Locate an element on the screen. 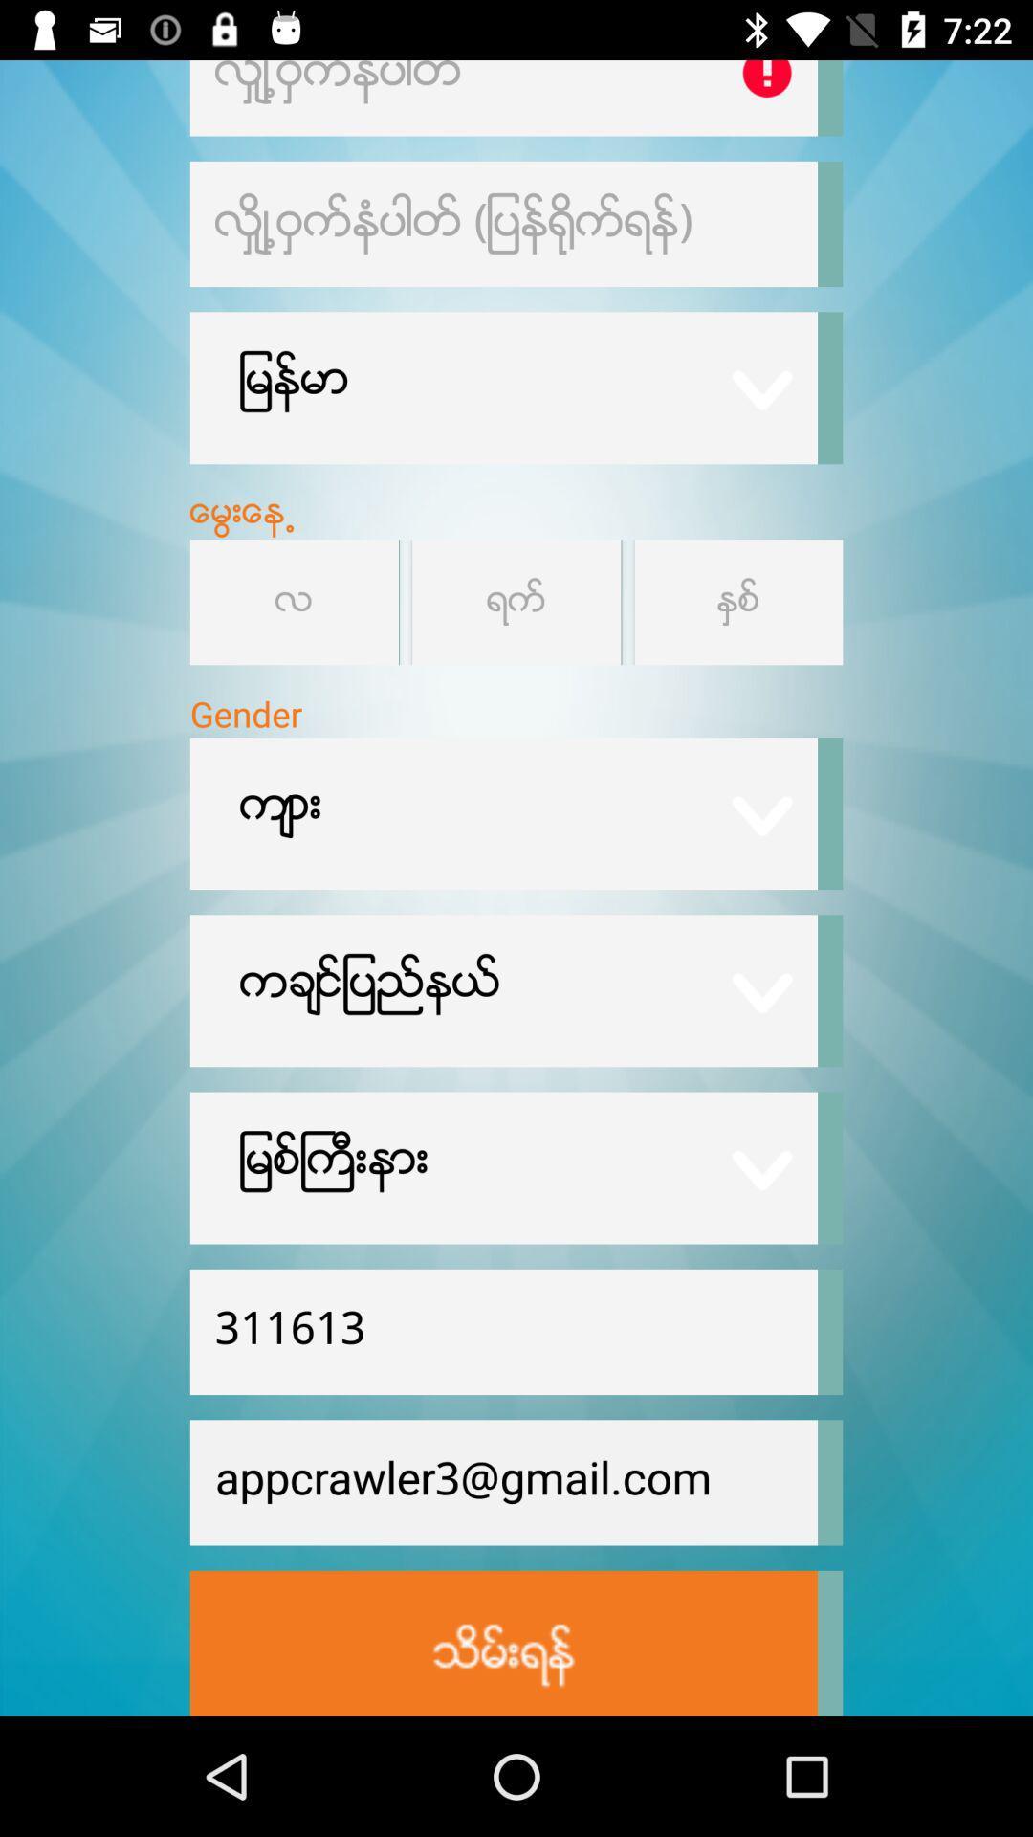 This screenshot has width=1033, height=1837. confirm is located at coordinates (502, 1642).